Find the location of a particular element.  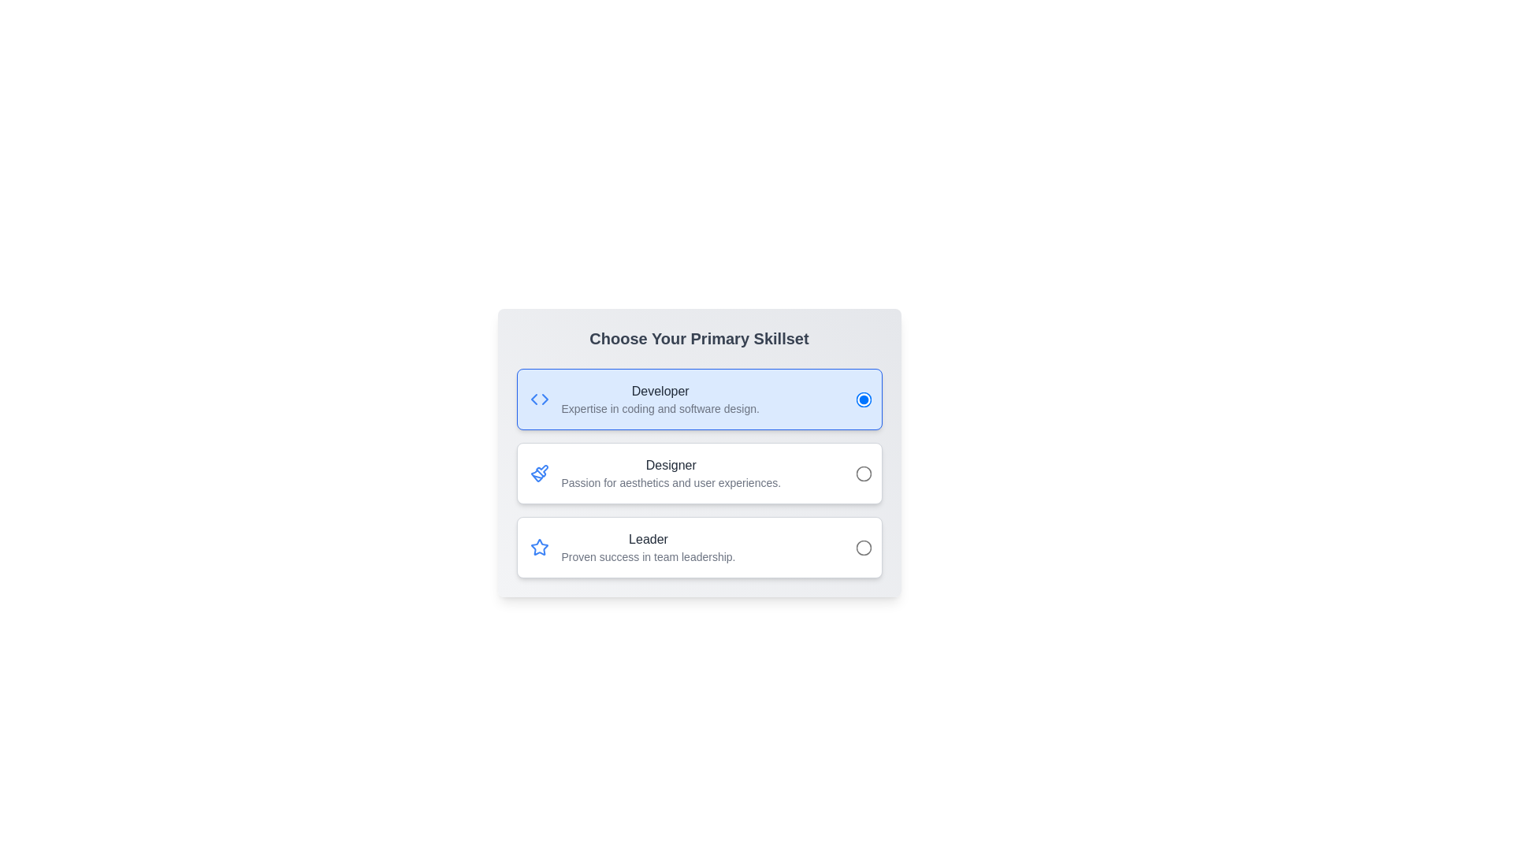

the descriptive text element displaying 'Passion for aesthetics and user experiences.' located below the 'Designer' text in the skill option list is located at coordinates (671, 482).